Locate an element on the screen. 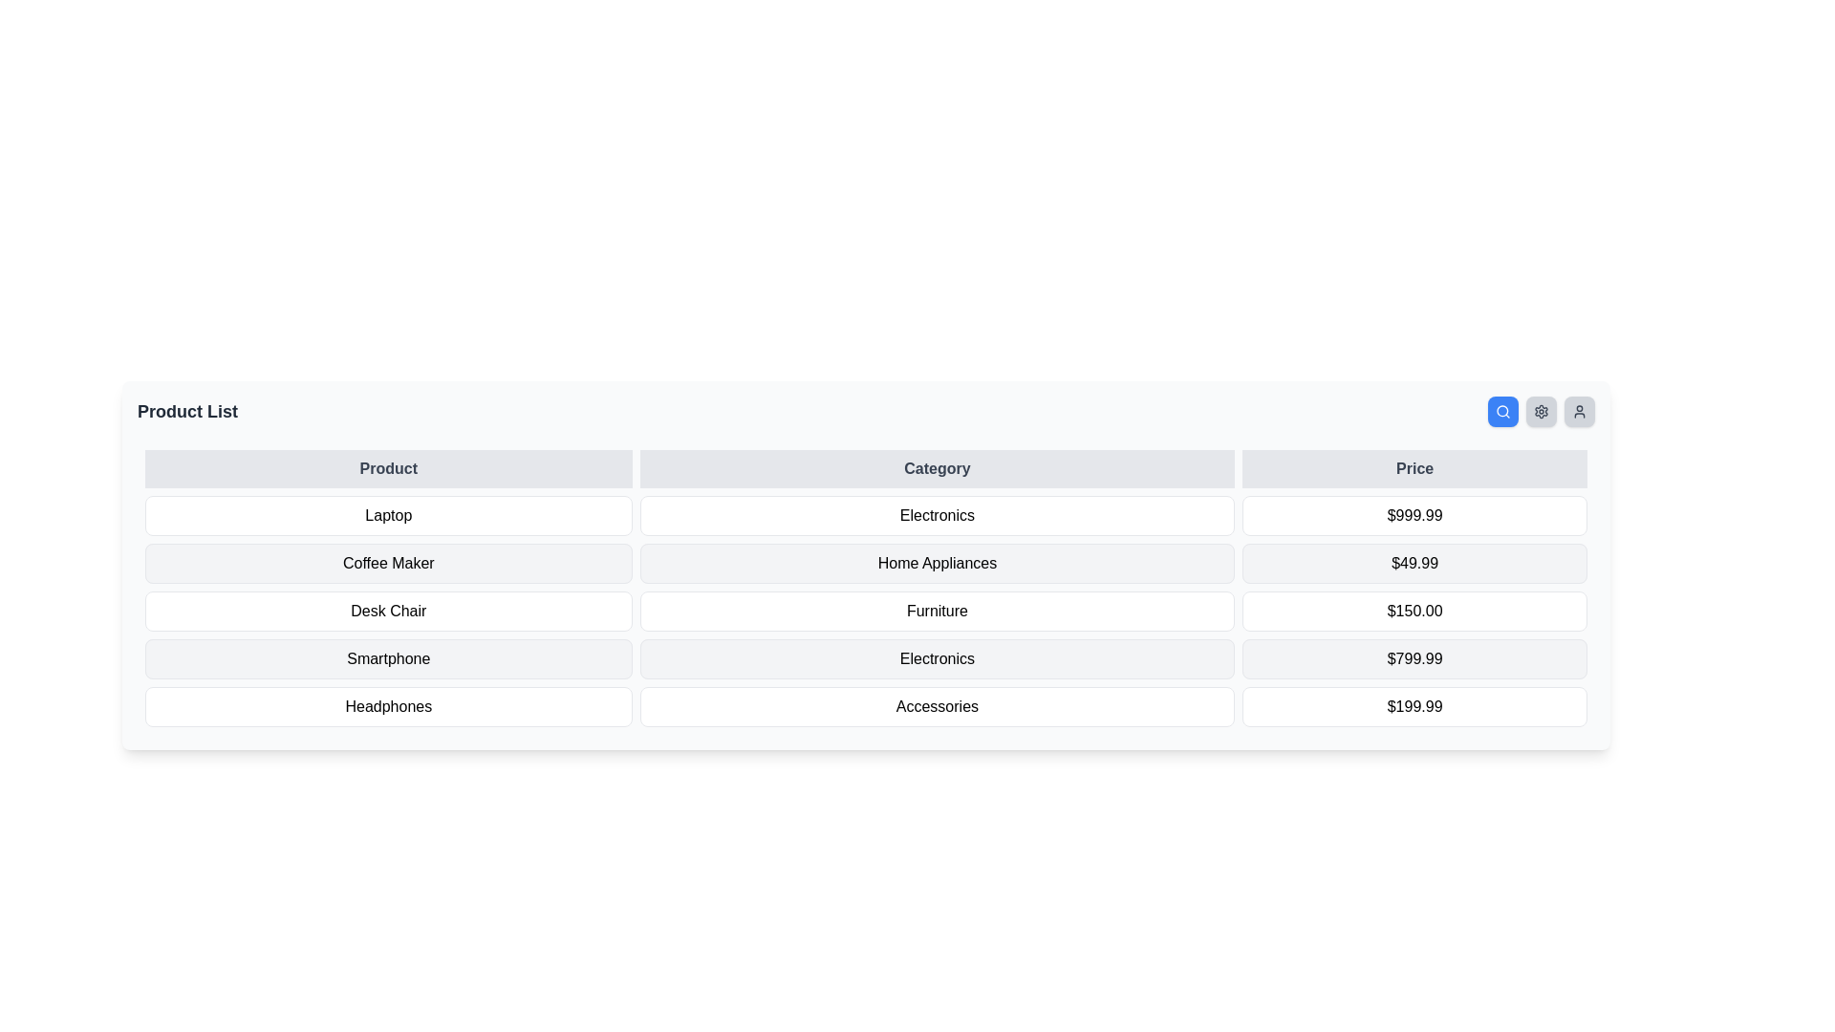  the settings button located at the top right section of the interface is located at coordinates (1541, 411).